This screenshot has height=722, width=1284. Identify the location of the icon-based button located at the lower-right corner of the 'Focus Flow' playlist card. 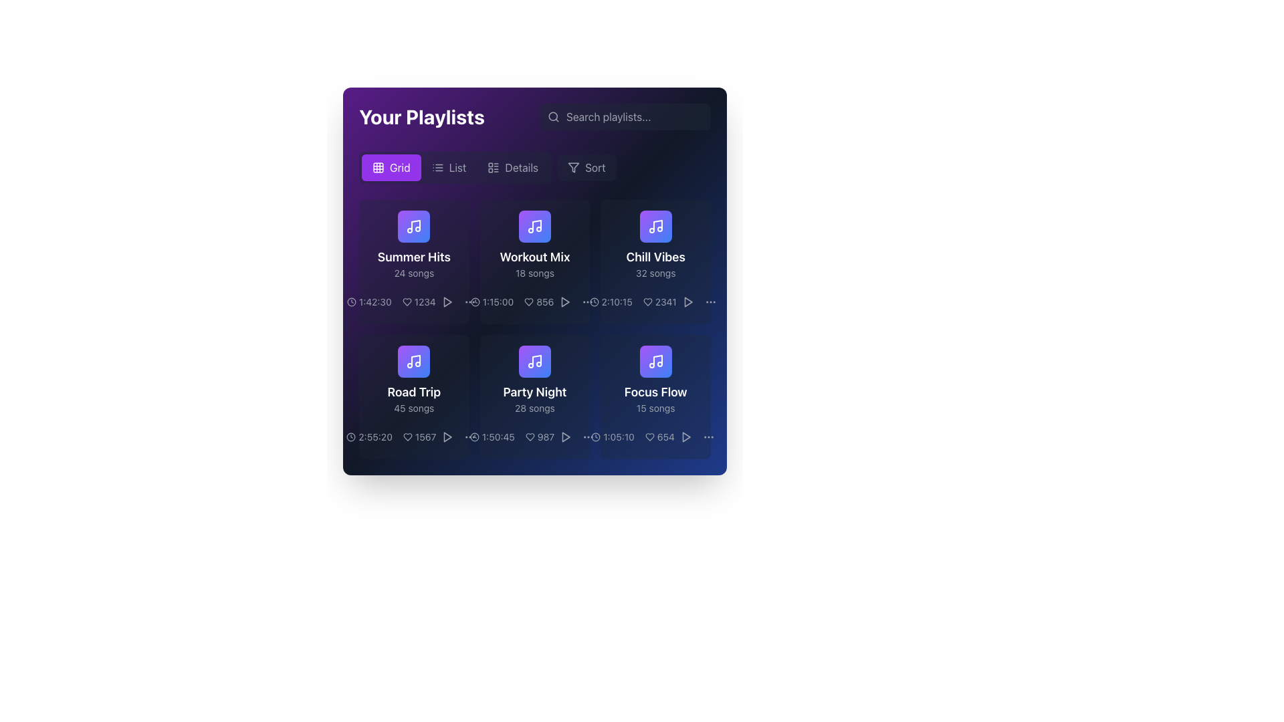
(686, 437).